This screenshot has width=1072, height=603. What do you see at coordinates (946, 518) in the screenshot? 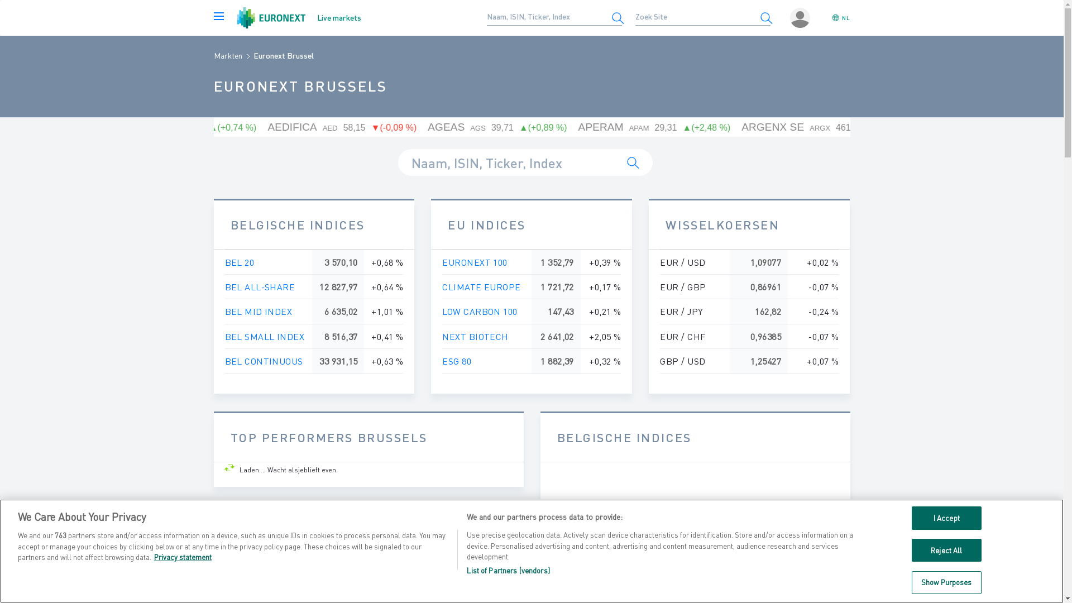
I see `'I Accept'` at bounding box center [946, 518].